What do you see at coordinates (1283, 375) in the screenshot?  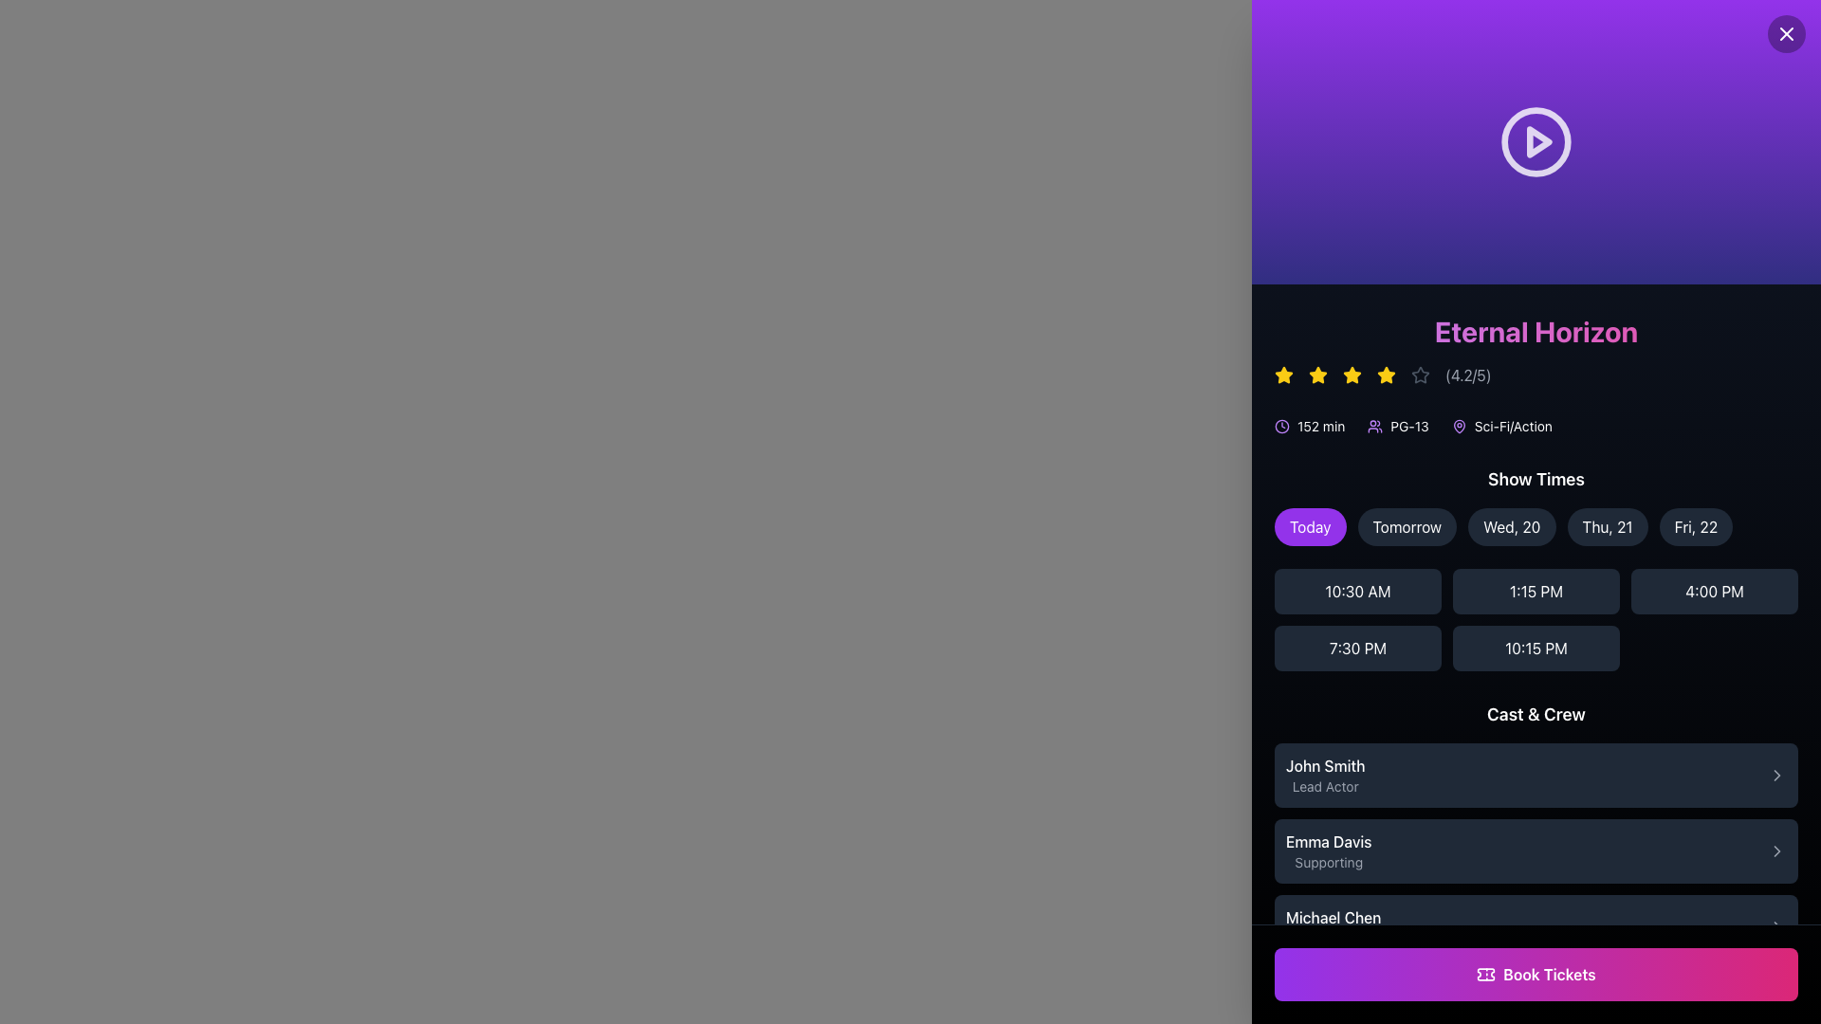 I see `the first filled star icon in the movie rating component` at bounding box center [1283, 375].